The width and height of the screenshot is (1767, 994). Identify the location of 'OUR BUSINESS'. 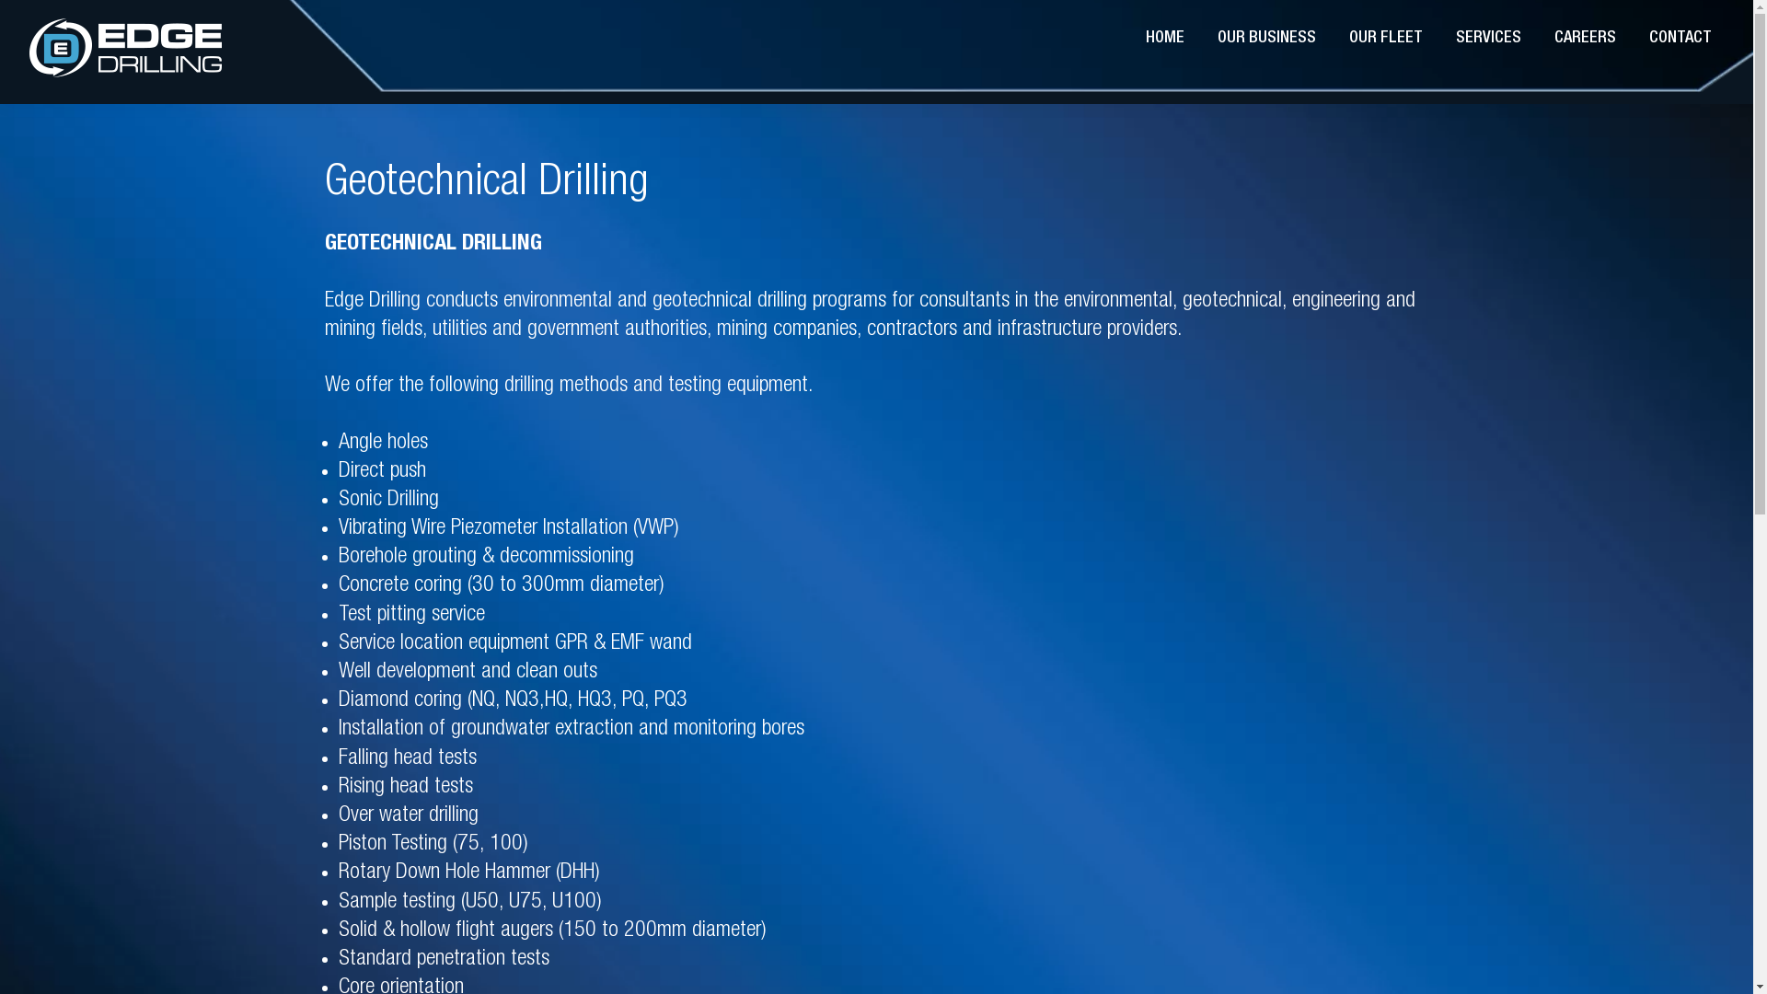
(1265, 39).